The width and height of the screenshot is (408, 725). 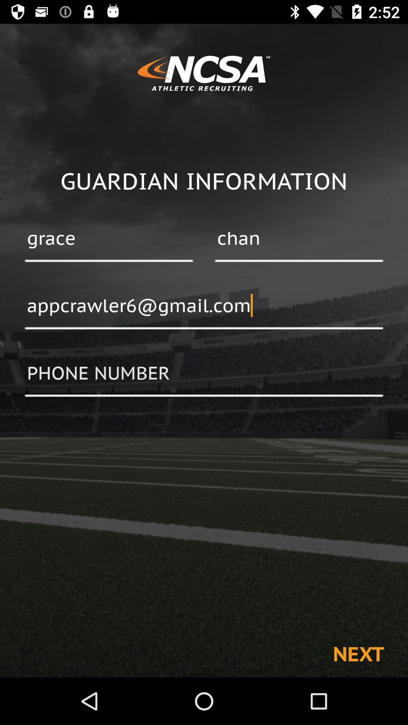 What do you see at coordinates (298, 239) in the screenshot?
I see `the item next to grace` at bounding box center [298, 239].